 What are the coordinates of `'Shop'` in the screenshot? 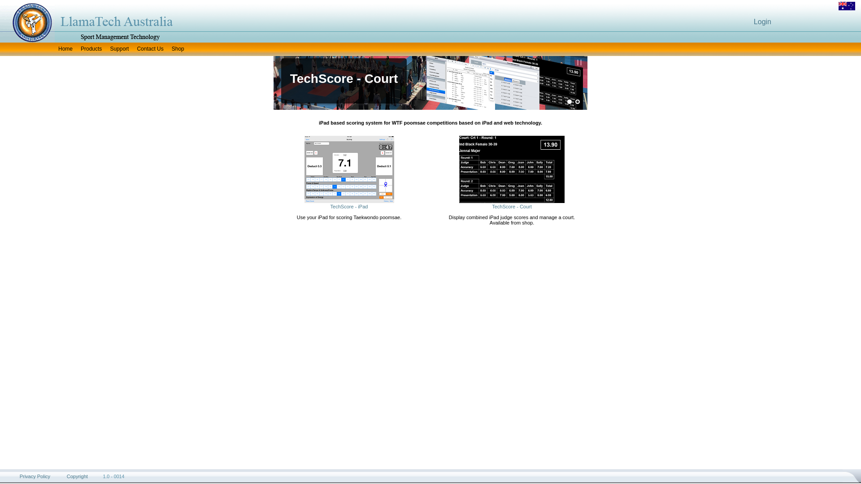 It's located at (178, 49).